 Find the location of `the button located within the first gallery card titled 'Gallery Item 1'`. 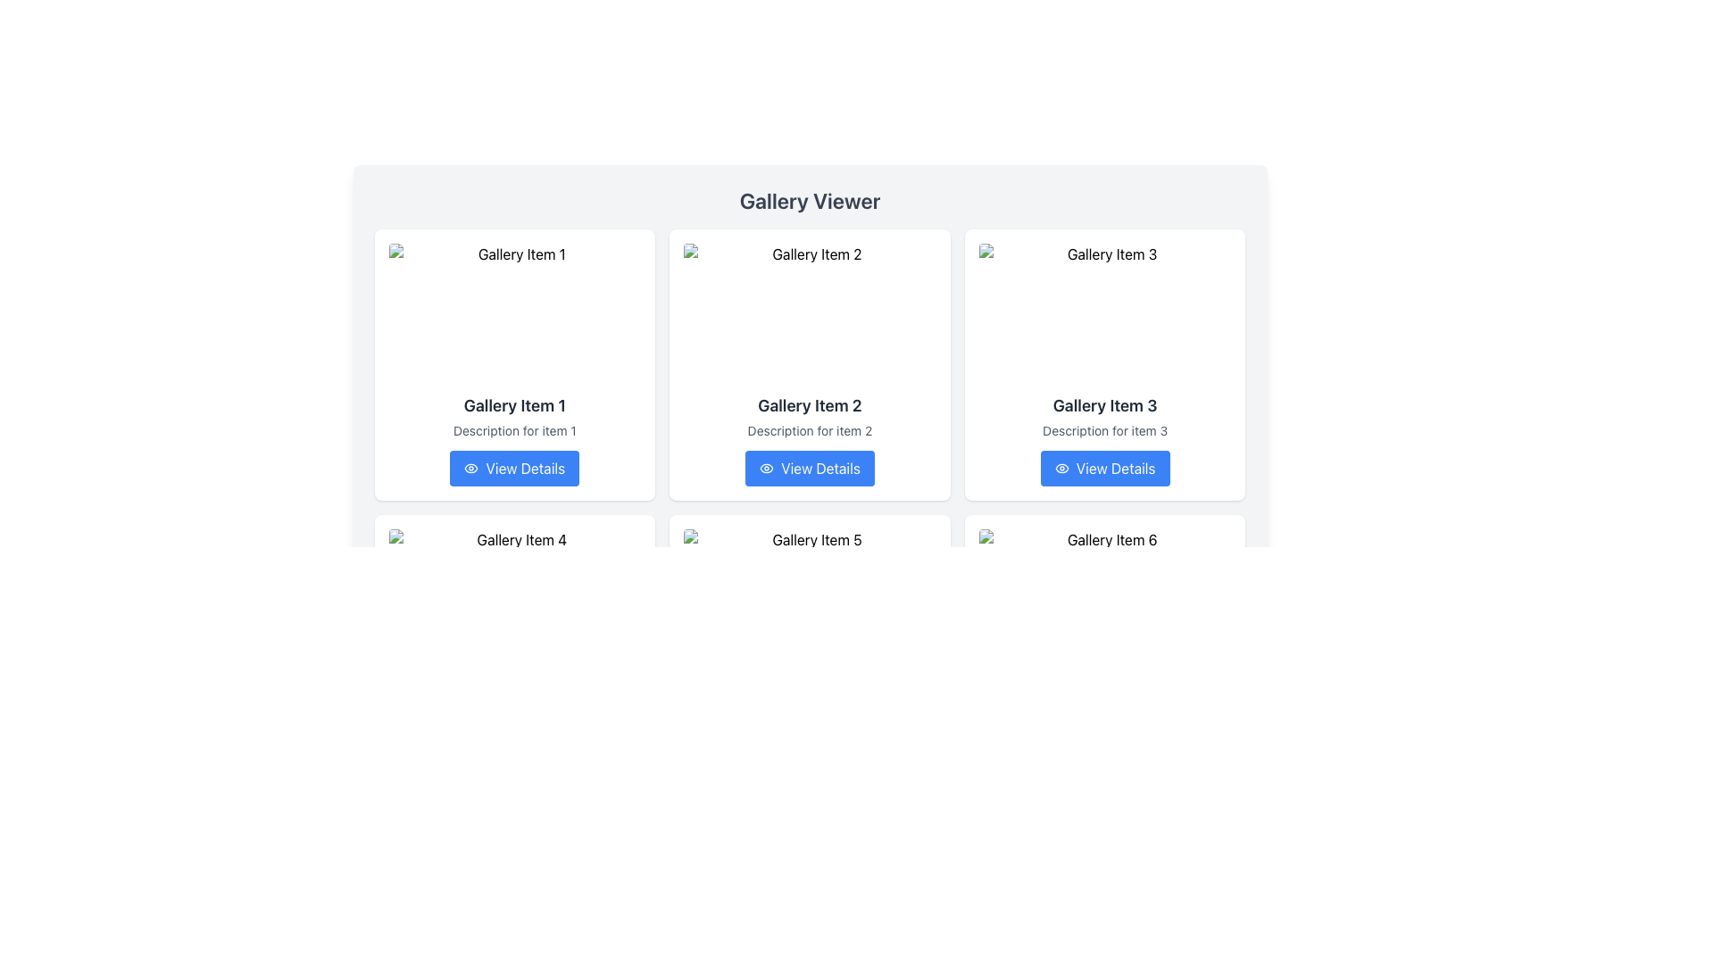

the button located within the first gallery card titled 'Gallery Item 1' is located at coordinates (513, 467).